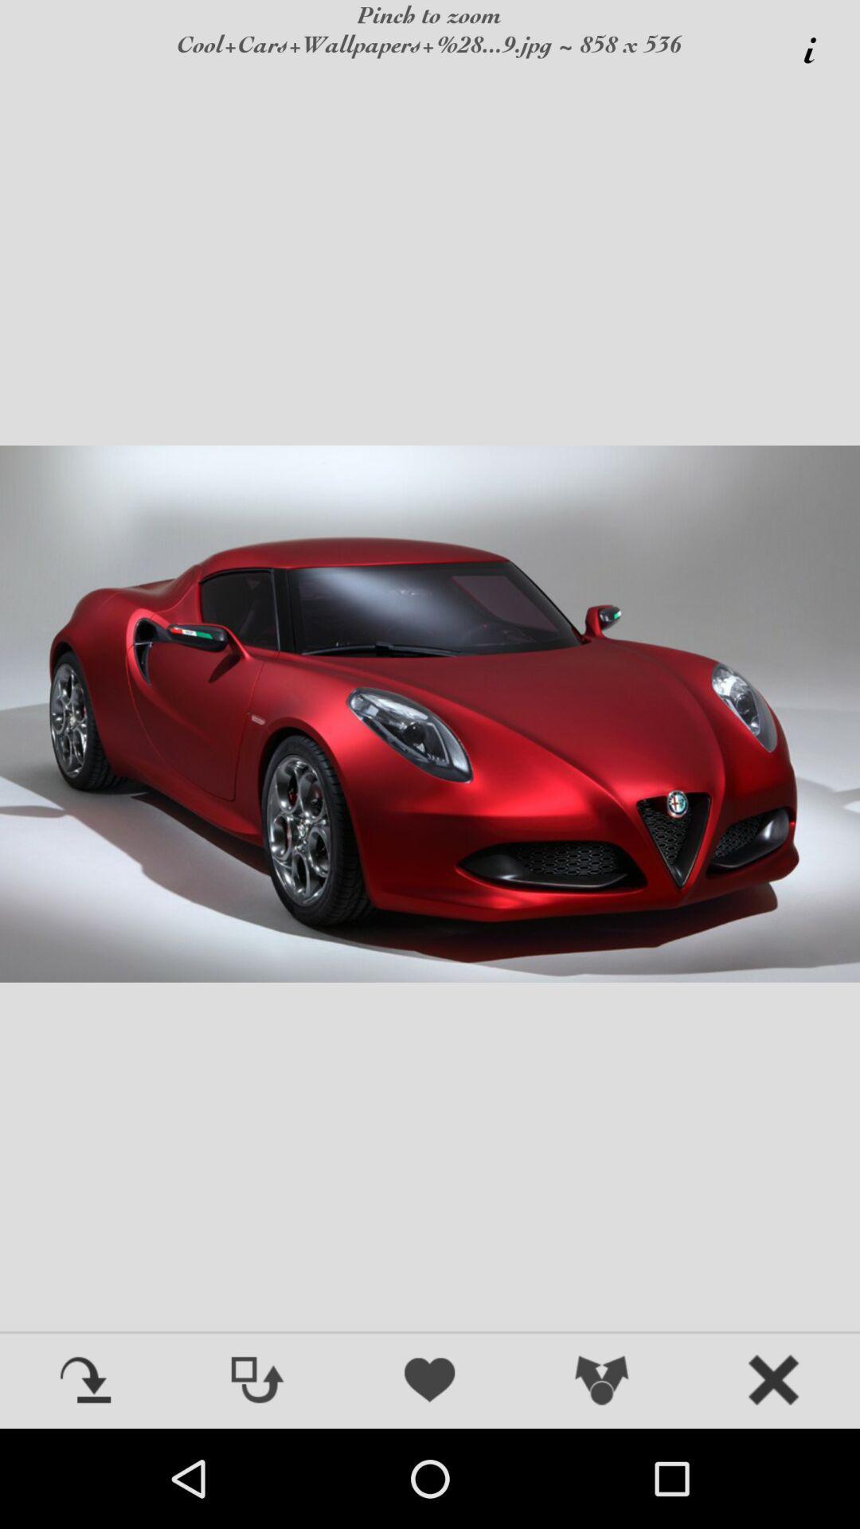 Image resolution: width=860 pixels, height=1529 pixels. What do you see at coordinates (257, 1381) in the screenshot?
I see `flip image` at bounding box center [257, 1381].